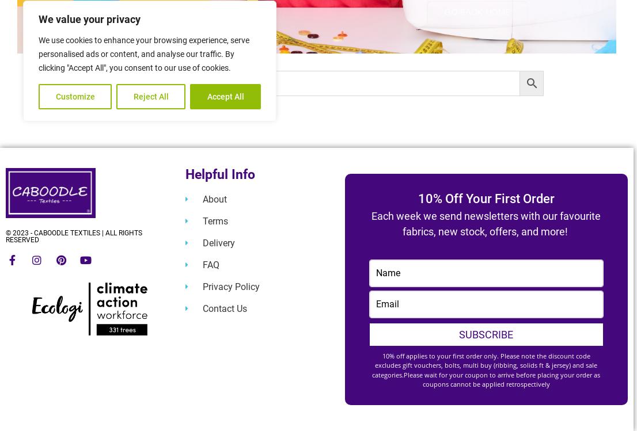  What do you see at coordinates (202, 285) in the screenshot?
I see `'Privacy Policy'` at bounding box center [202, 285].